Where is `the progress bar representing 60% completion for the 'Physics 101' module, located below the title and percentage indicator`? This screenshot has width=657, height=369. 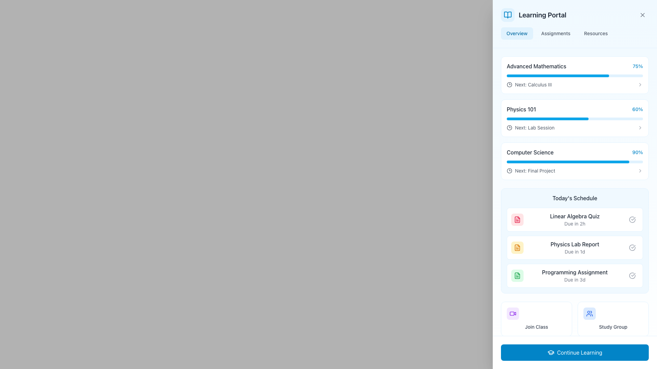 the progress bar representing 60% completion for the 'Physics 101' module, located below the title and percentage indicator is located at coordinates (575, 118).